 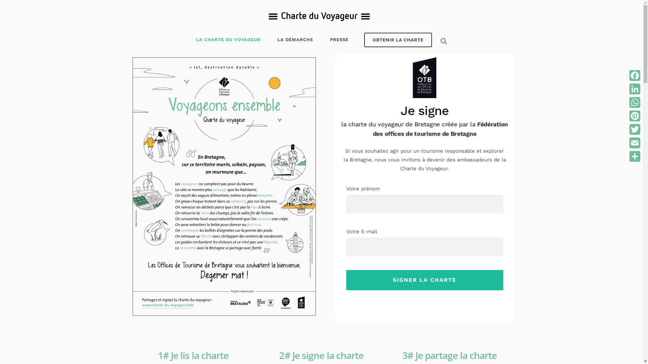 I want to click on 'Email', so click(x=628, y=143).